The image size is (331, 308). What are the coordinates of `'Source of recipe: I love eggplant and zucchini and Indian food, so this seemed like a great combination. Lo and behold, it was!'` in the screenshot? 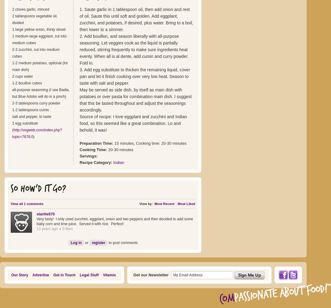 It's located at (133, 123).